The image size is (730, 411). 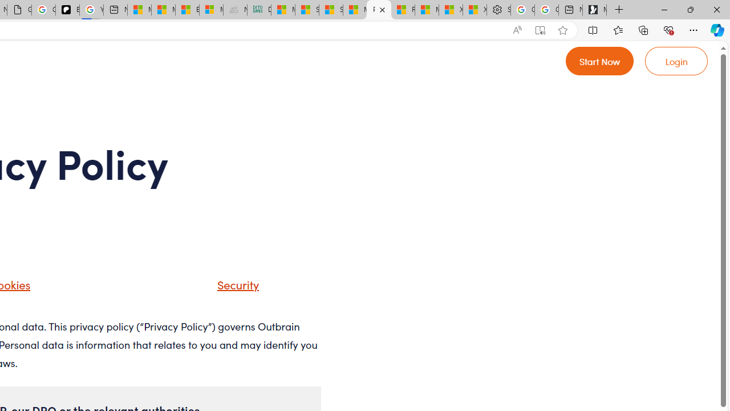 I want to click on 'Security', so click(x=234, y=283).